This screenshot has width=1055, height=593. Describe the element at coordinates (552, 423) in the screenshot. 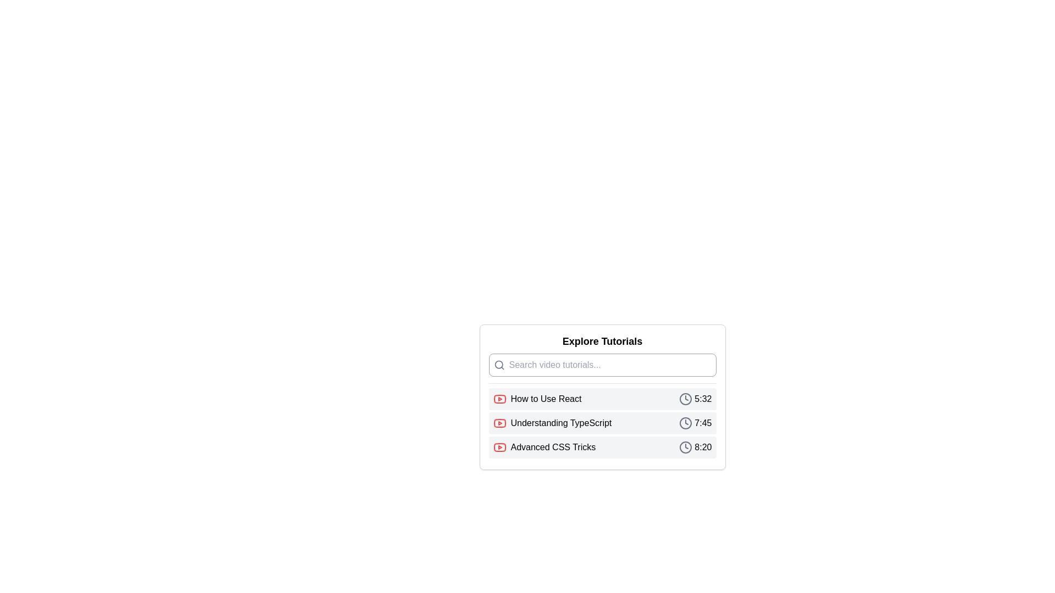

I see `the static text label 'Understanding TypeScript' which is part of the tutorial list under 'Explore Tutorials', positioned between 'How to Use React' and 'Advanced CSS Tricks'` at that location.